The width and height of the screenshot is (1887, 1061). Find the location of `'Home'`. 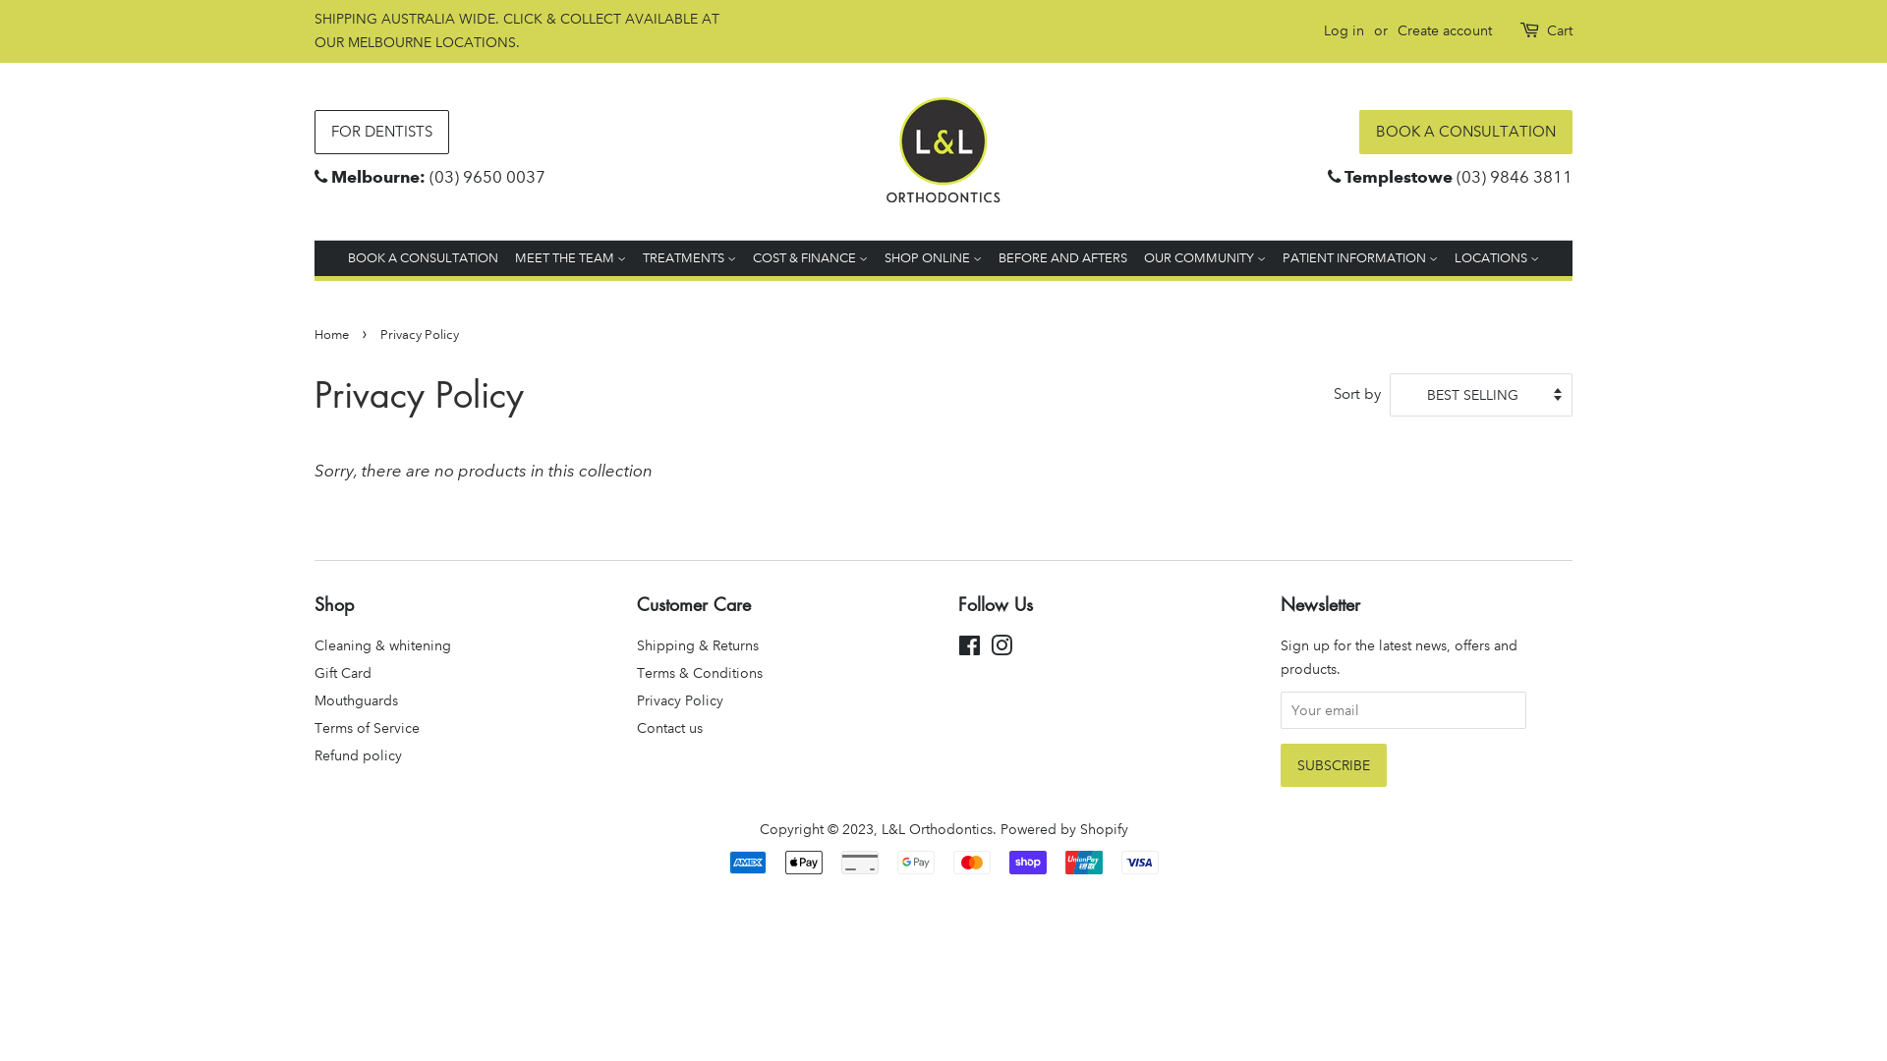

'Home' is located at coordinates (334, 333).